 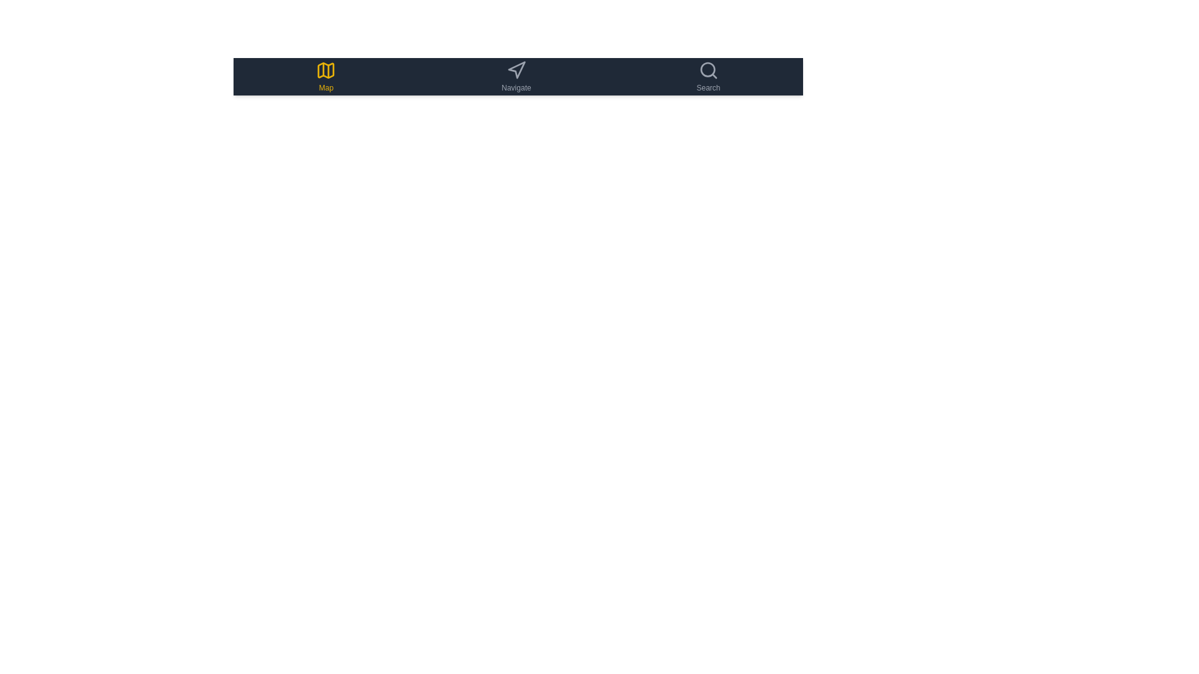 I want to click on the gray magnifying glass icon located in the rightmost section of the horizontal menu bar to initiate the search, so click(x=708, y=70).